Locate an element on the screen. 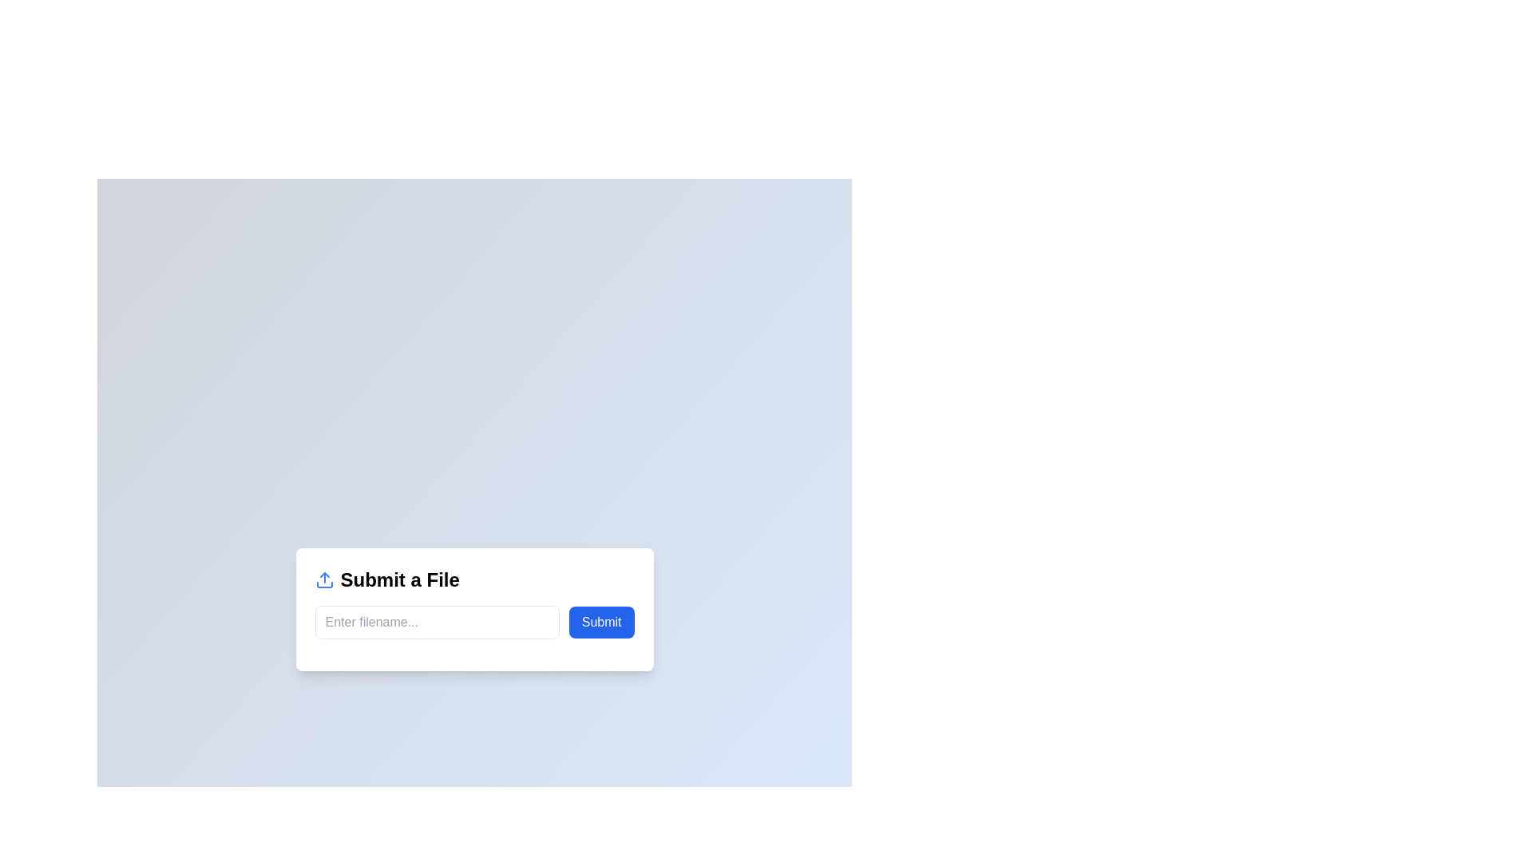 Image resolution: width=1533 pixels, height=862 pixels. the upload icon, which features an upward-pointing arrow over a horizontal line, styled in bright blue and located to the left of the 'Submit a File' text is located at coordinates (323, 579).